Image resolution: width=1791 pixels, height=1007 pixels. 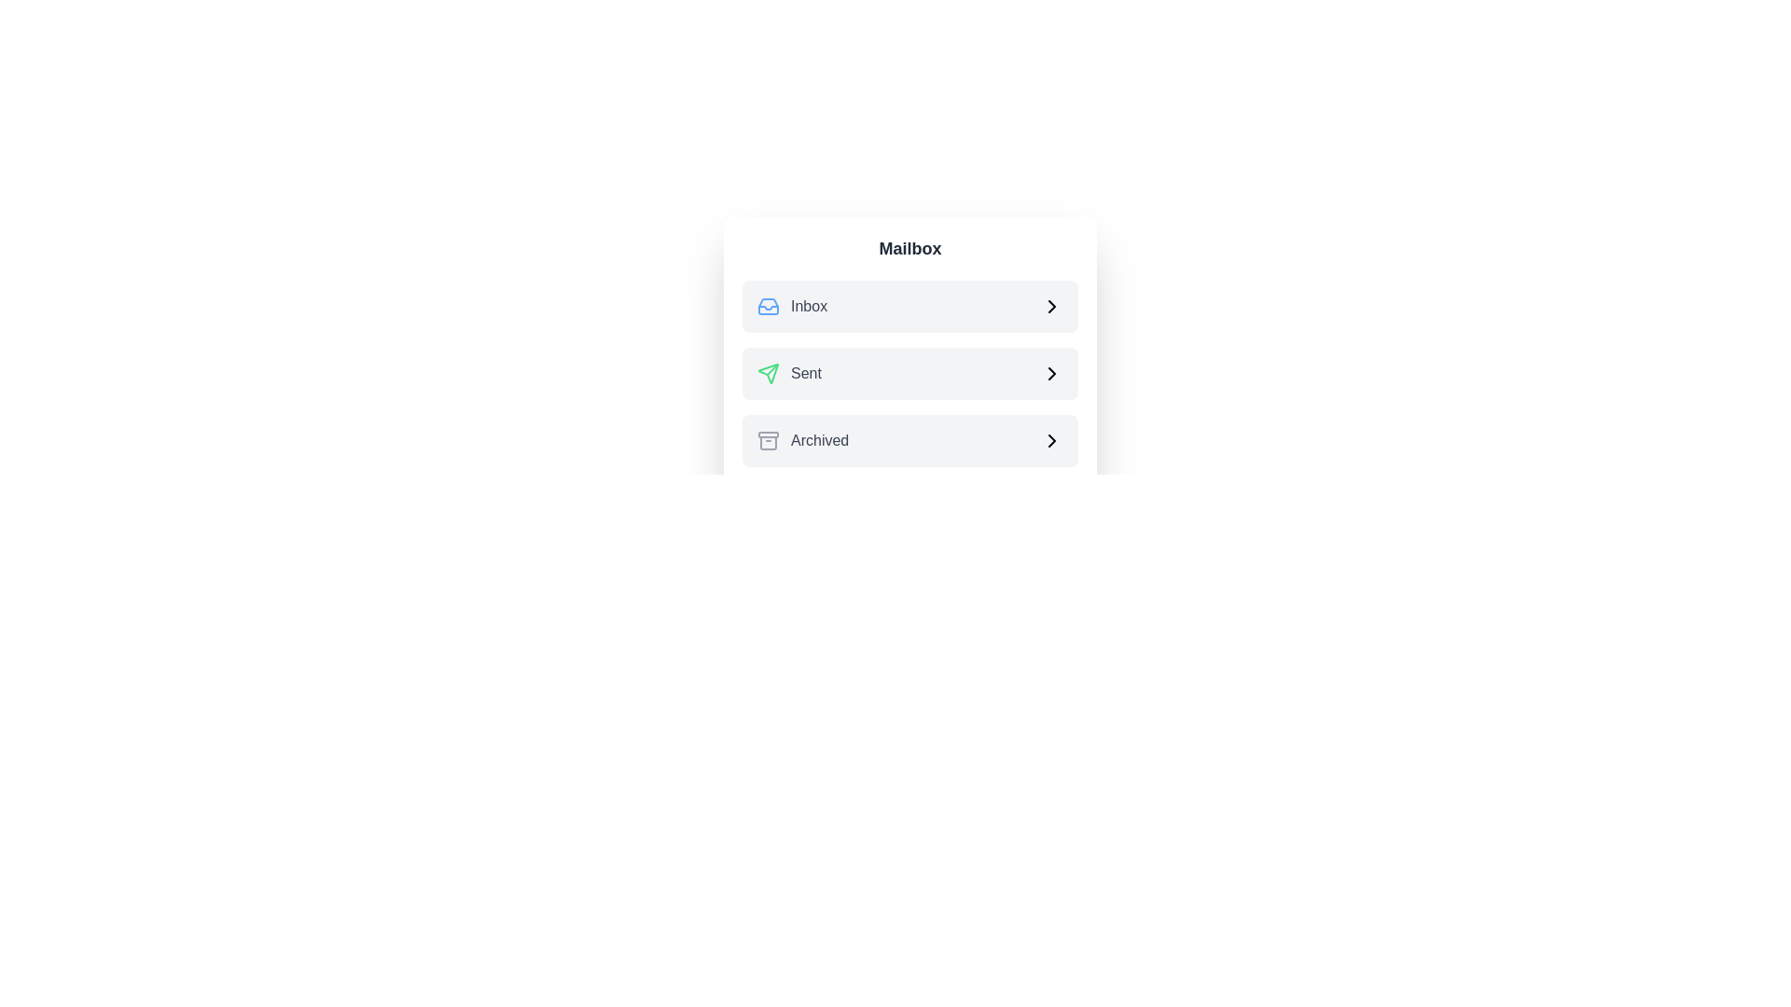 I want to click on the 'Archived' mailbox section in the clickable list, so click(x=909, y=441).